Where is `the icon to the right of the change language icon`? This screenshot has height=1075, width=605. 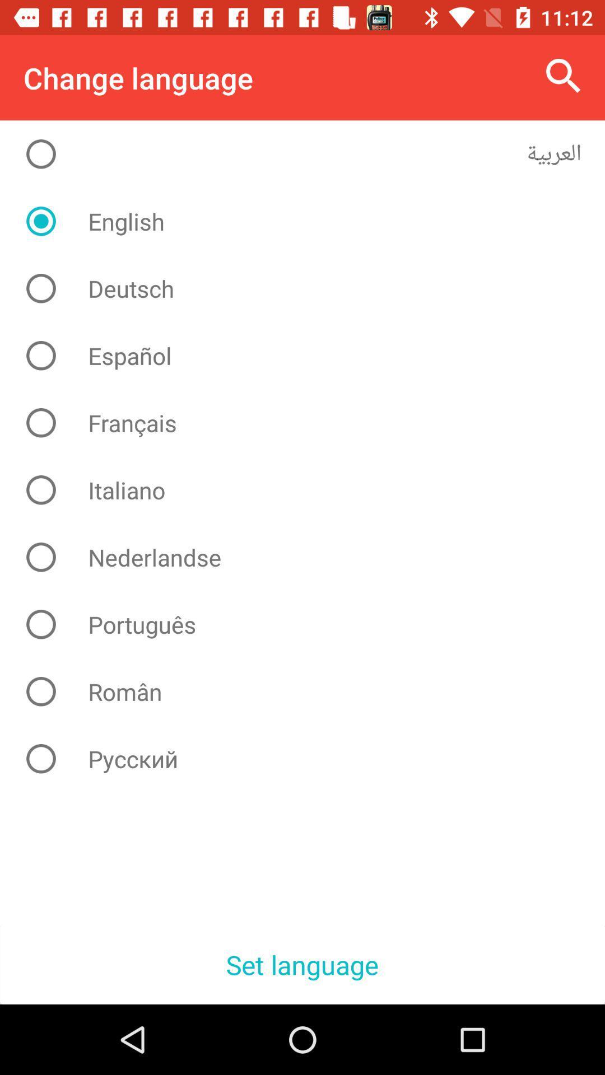 the icon to the right of the change language icon is located at coordinates (564, 76).